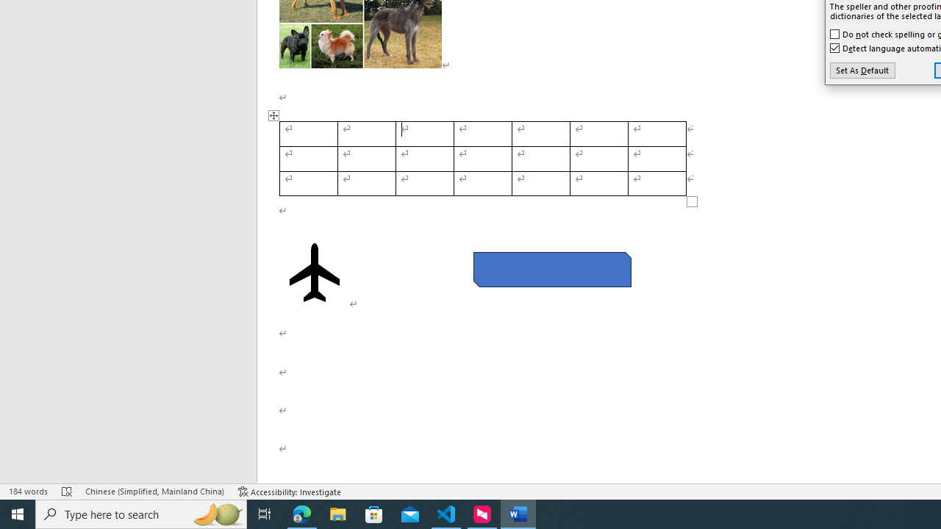 The image size is (941, 529). Describe the element at coordinates (290, 492) in the screenshot. I see `'Accessibility Checker Accessibility: Investigate'` at that location.